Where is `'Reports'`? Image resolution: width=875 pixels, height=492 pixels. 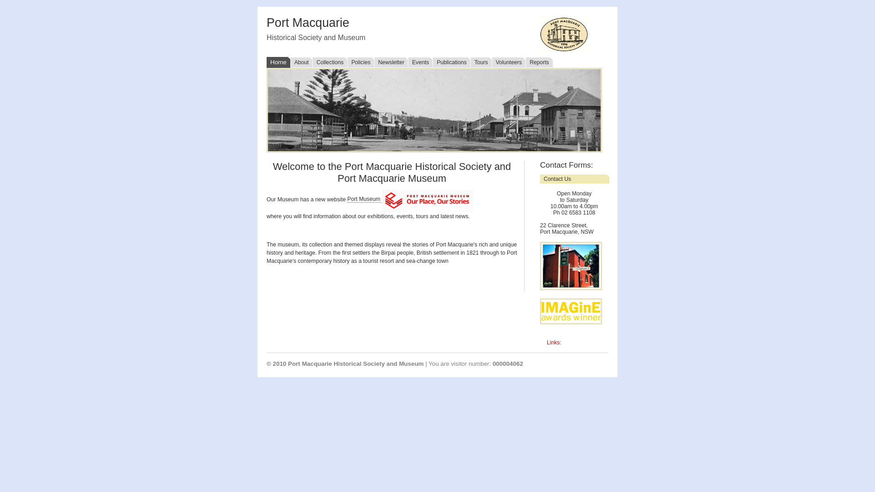
'Reports' is located at coordinates (539, 62).